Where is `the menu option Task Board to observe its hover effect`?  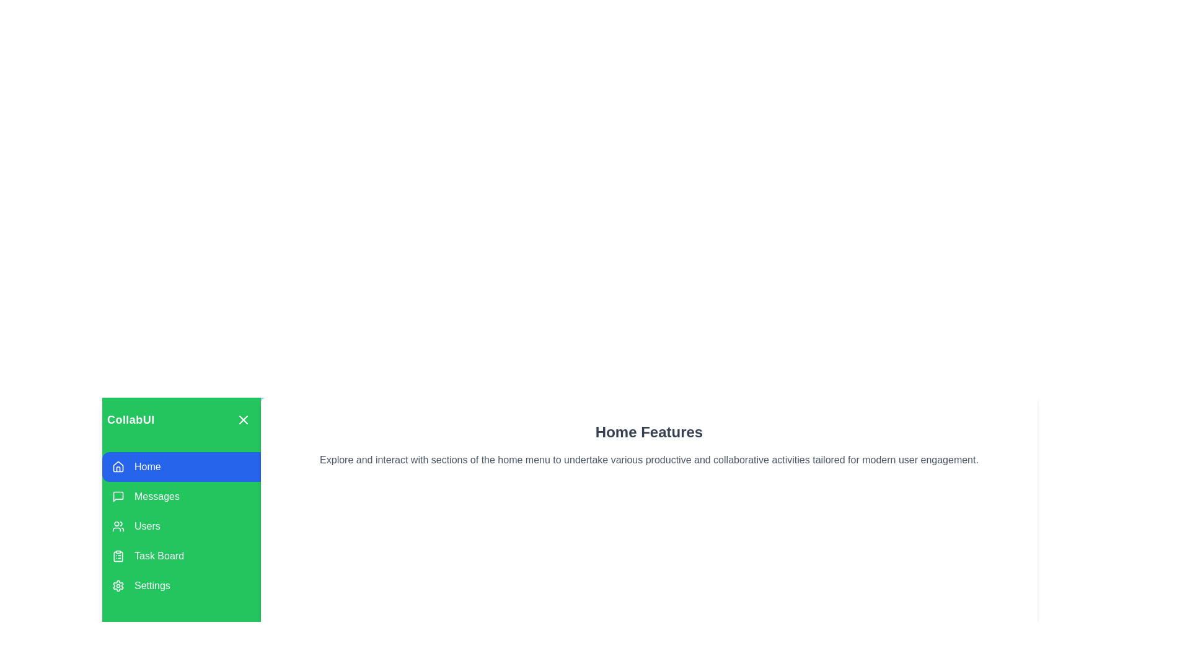
the menu option Task Board to observe its hover effect is located at coordinates (180, 556).